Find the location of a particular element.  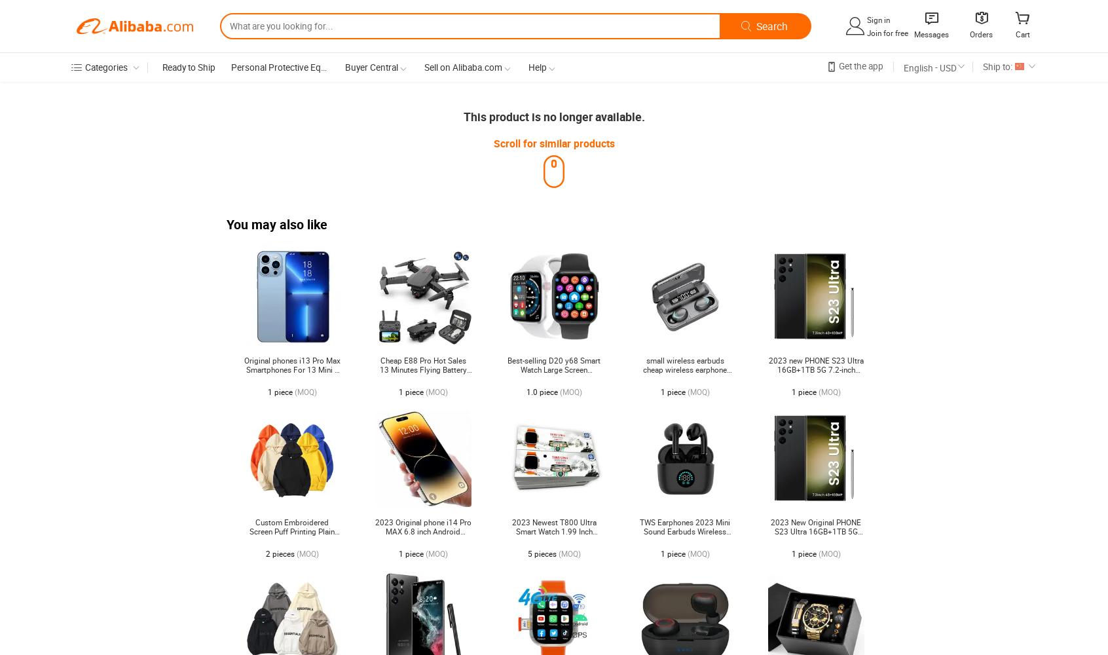

'Cheap E88 Pro Hot Sales 13 Minutes Flying Battery Long Range 4K Dual Camera Portable Small Foldable RC Drone' is located at coordinates (422, 378).